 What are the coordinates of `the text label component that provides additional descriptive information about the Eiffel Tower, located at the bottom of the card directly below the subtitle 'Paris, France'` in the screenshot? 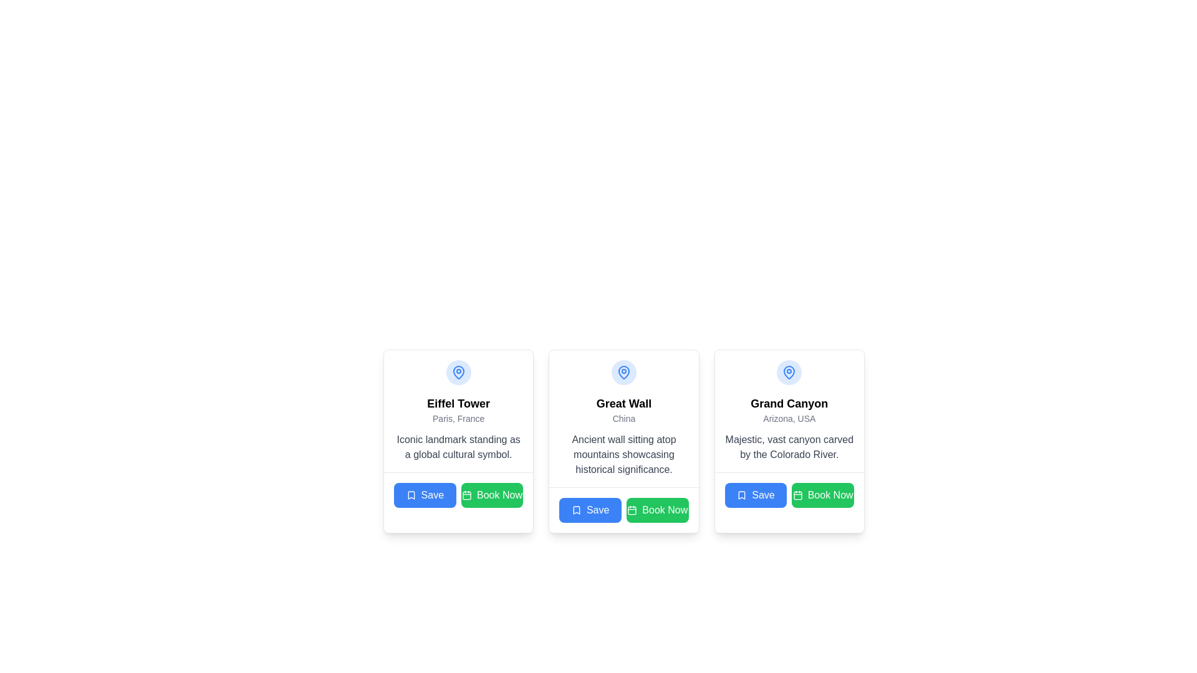 It's located at (458, 446).